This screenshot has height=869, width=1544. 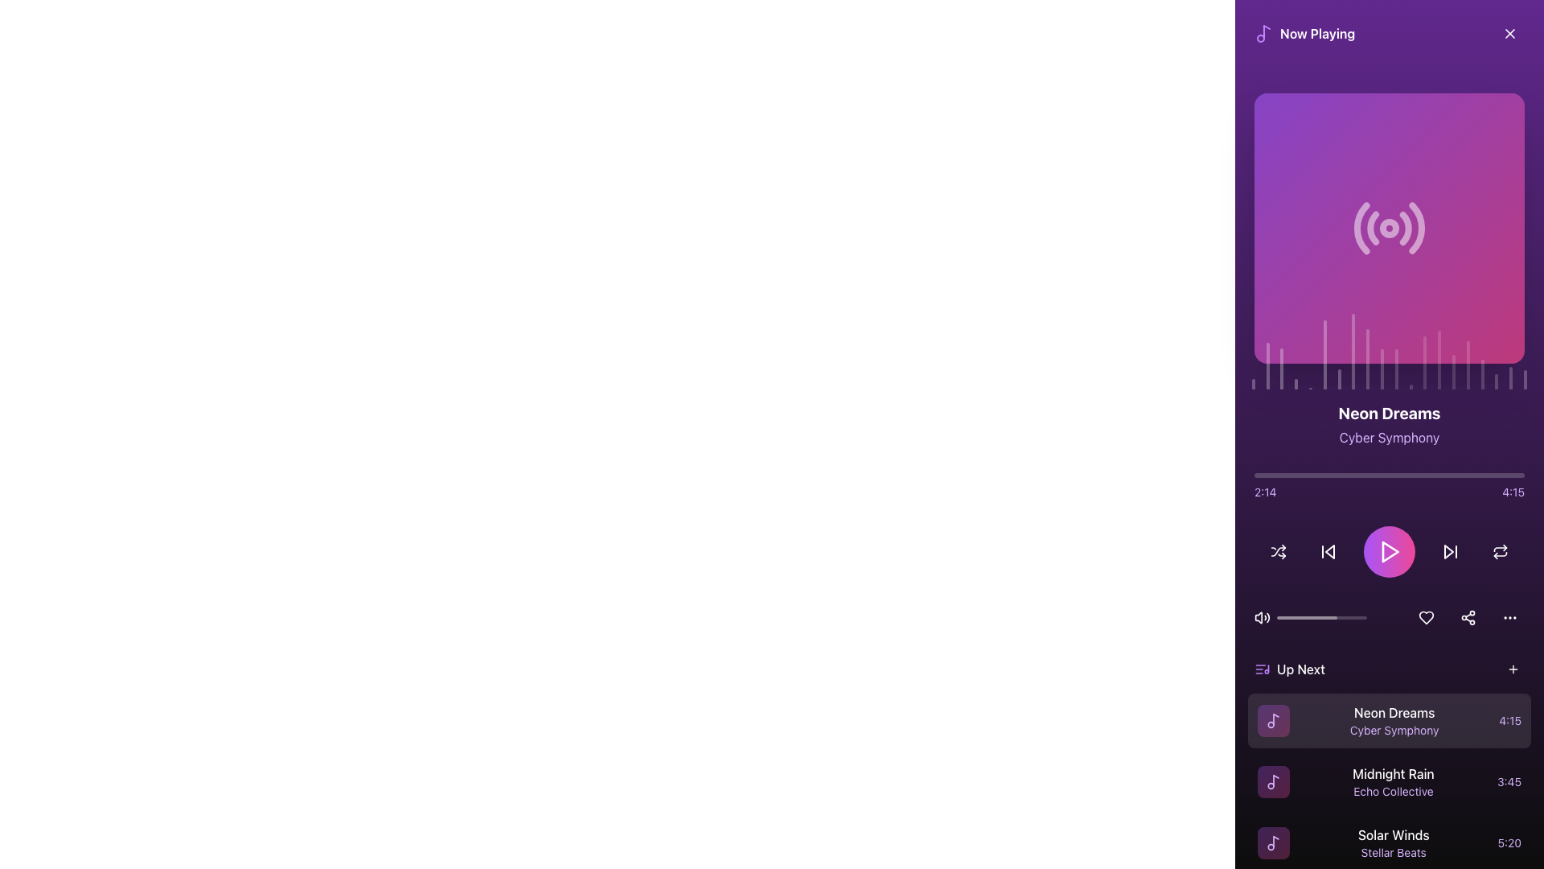 What do you see at coordinates (1273, 842) in the screenshot?
I see `the square icon with a gradient background, featuring a music note symbol, located at the front of the last list item representing the song 'Solar Winds' by 'Stellar Beats' in the 'Up Next' section` at bounding box center [1273, 842].